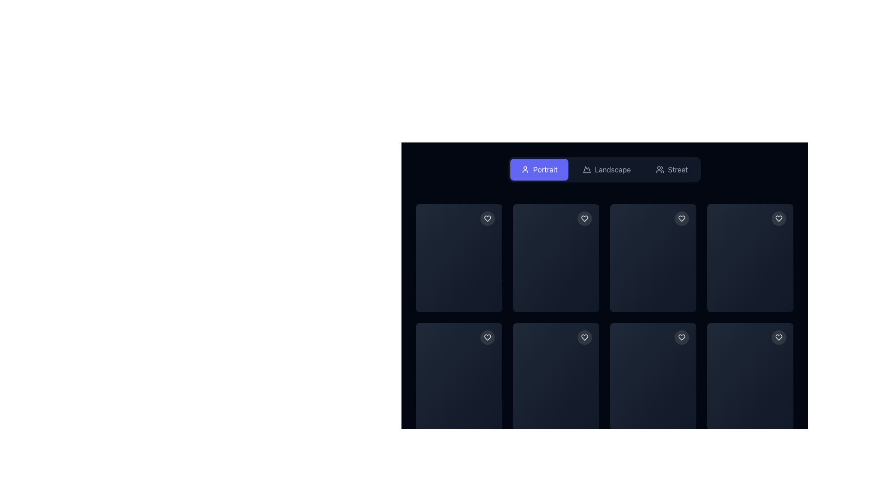  I want to click on the heart-shaped icon located in the top-right corner of the third card in the second row to mark it as liked, so click(487, 337).